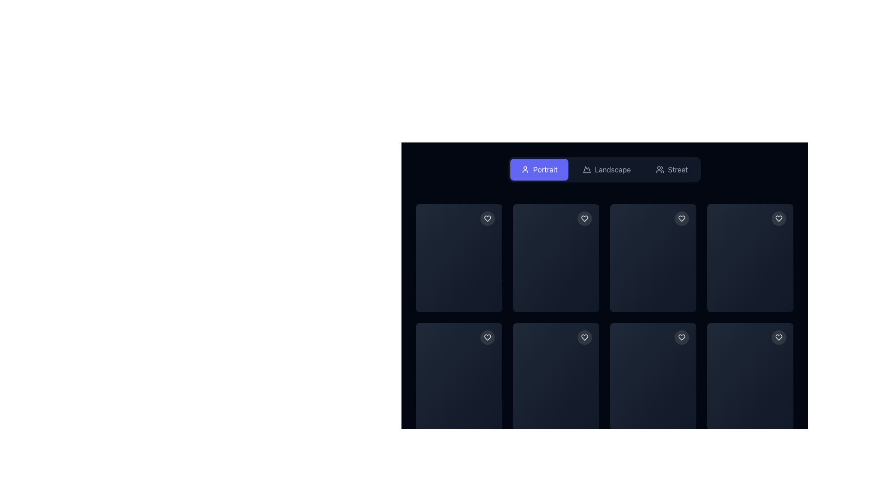  I want to click on the heart-shaped icon located in the top-right corner of the third card in the second row to mark it as liked, so click(487, 337).